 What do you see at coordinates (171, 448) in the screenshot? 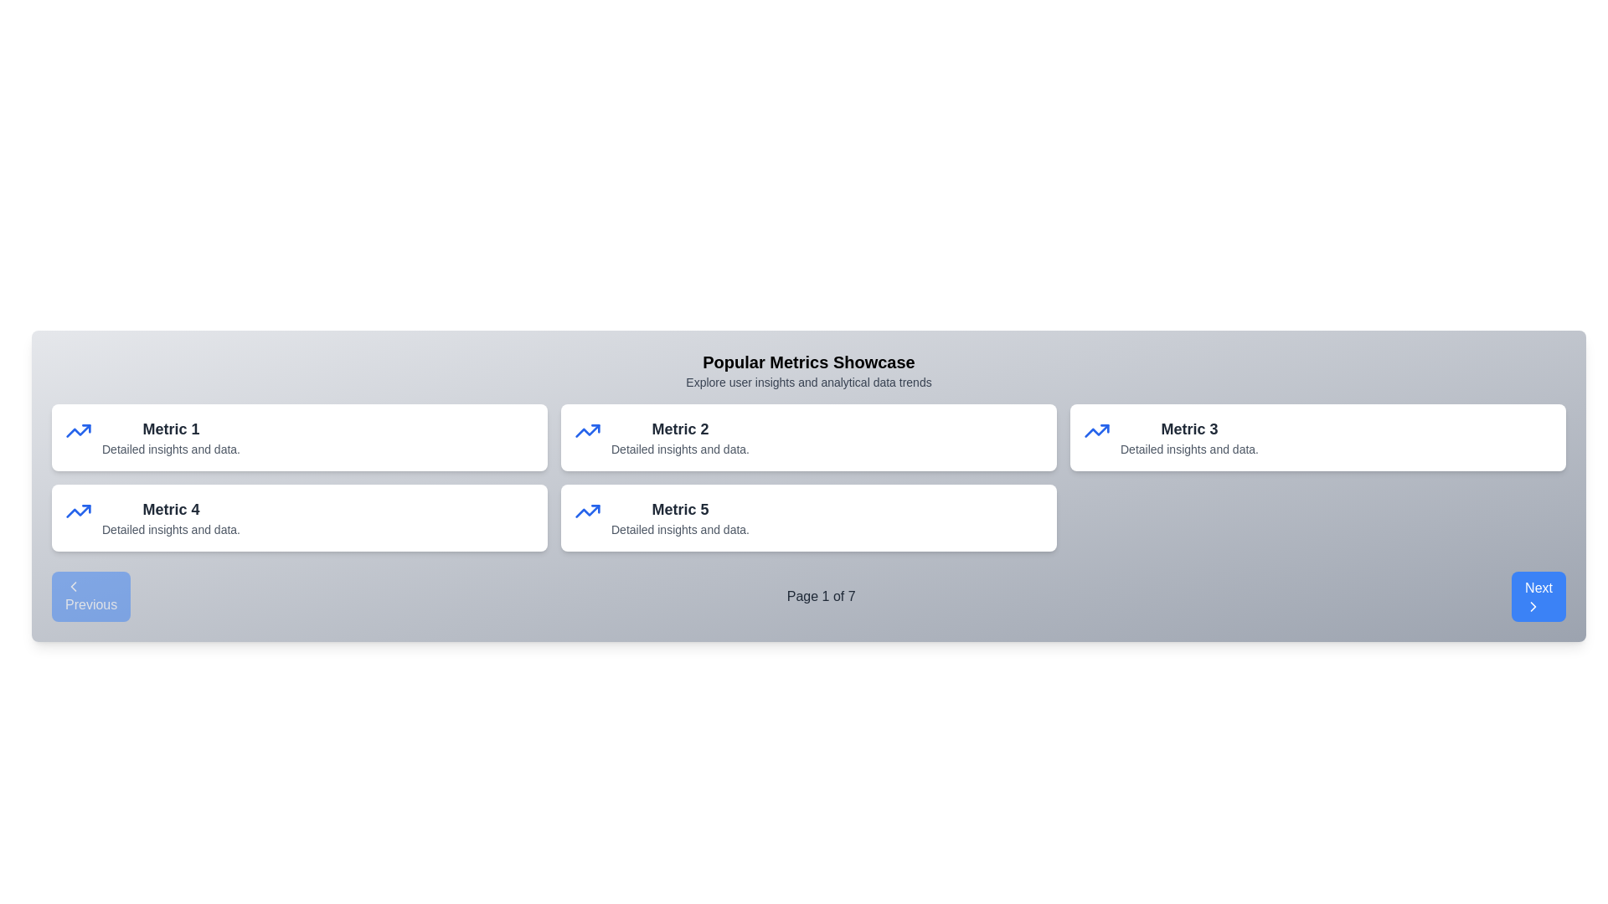
I see `the text display element located in the first row, first column of the grid layout under the 'Metric 1' label` at bounding box center [171, 448].